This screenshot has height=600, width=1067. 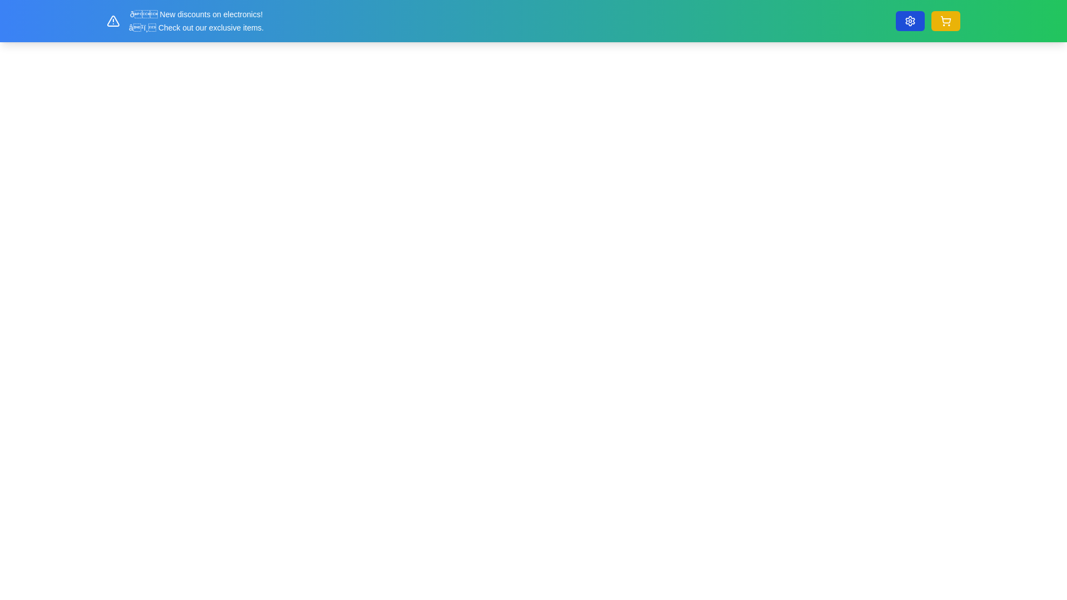 I want to click on textual content of the alert element displaying 'New discounts on electronics!' and 'Check out our exclusive items.', so click(x=185, y=21).